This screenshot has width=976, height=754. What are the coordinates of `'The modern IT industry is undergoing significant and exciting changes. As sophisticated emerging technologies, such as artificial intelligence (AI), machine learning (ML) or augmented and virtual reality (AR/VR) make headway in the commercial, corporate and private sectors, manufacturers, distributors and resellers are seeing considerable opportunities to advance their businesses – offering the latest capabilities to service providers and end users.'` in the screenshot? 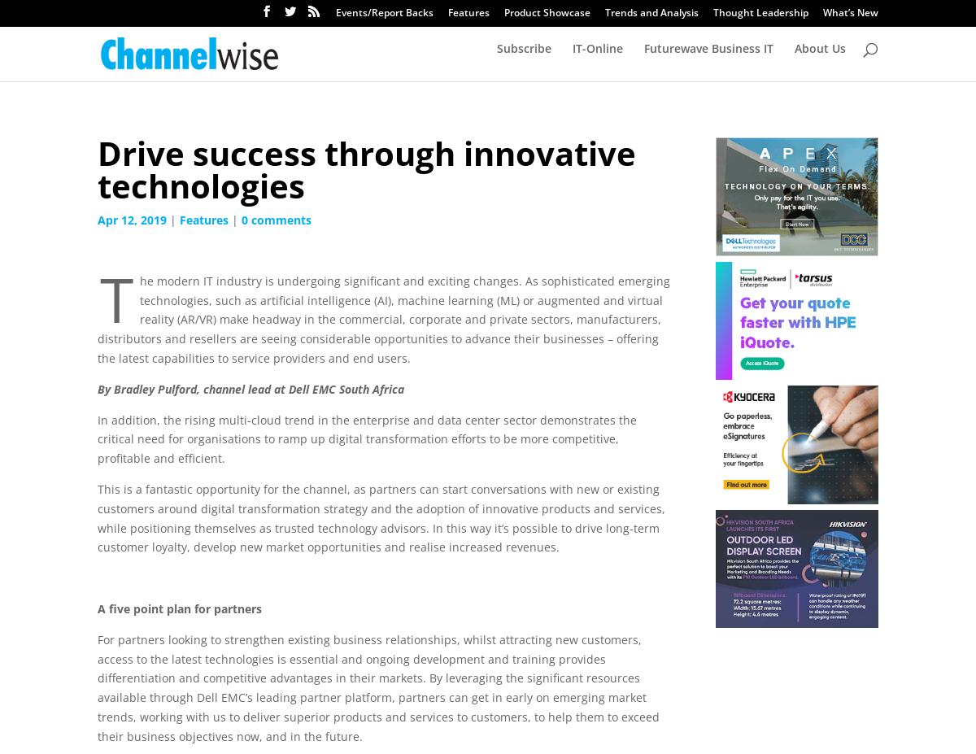 It's located at (382, 310).